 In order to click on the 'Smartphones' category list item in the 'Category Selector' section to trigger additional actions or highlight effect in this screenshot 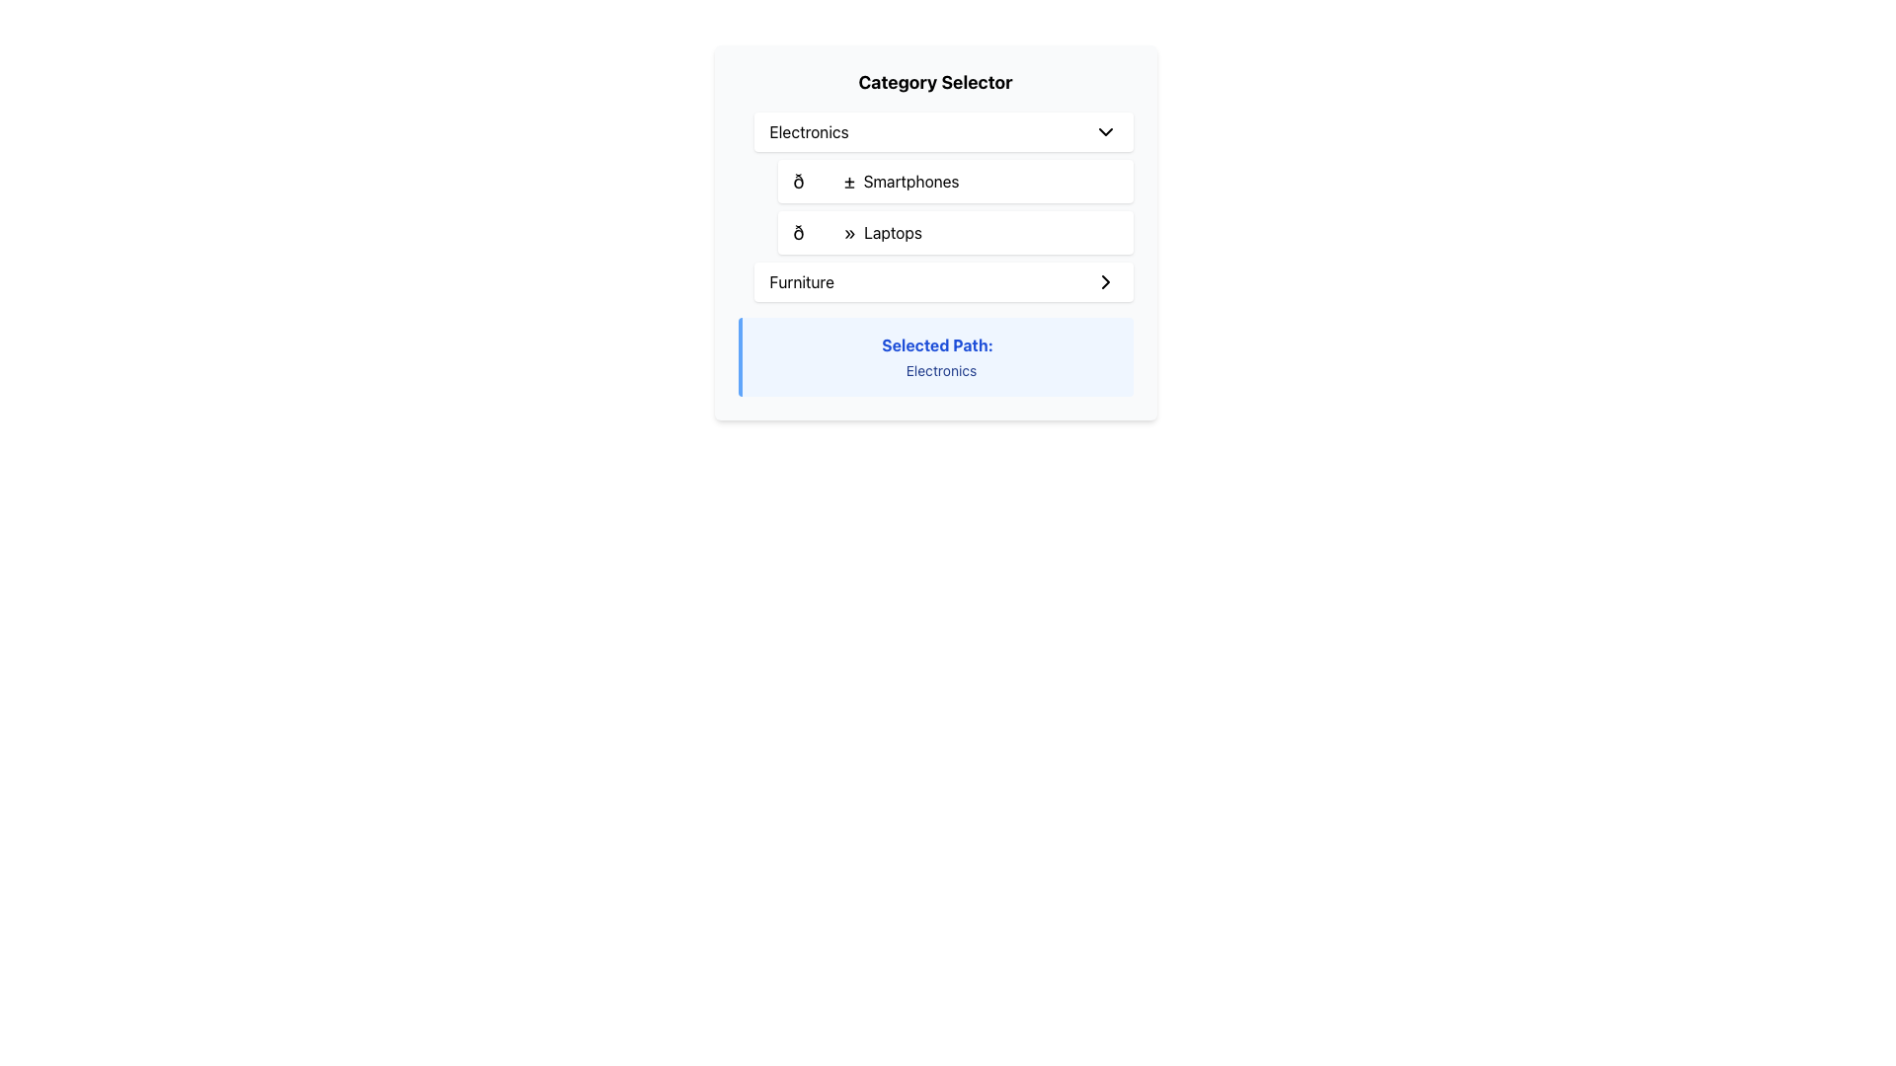, I will do `click(875, 182)`.